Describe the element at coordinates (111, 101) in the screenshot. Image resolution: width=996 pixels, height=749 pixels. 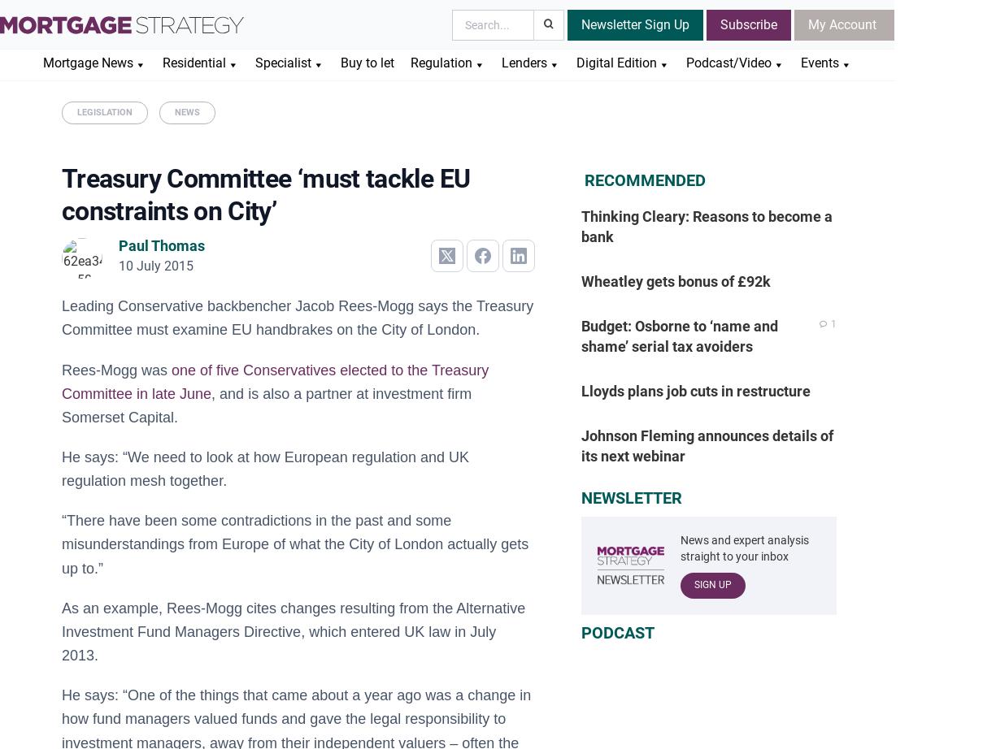
I see `'Autumn Statement 2023'` at that location.